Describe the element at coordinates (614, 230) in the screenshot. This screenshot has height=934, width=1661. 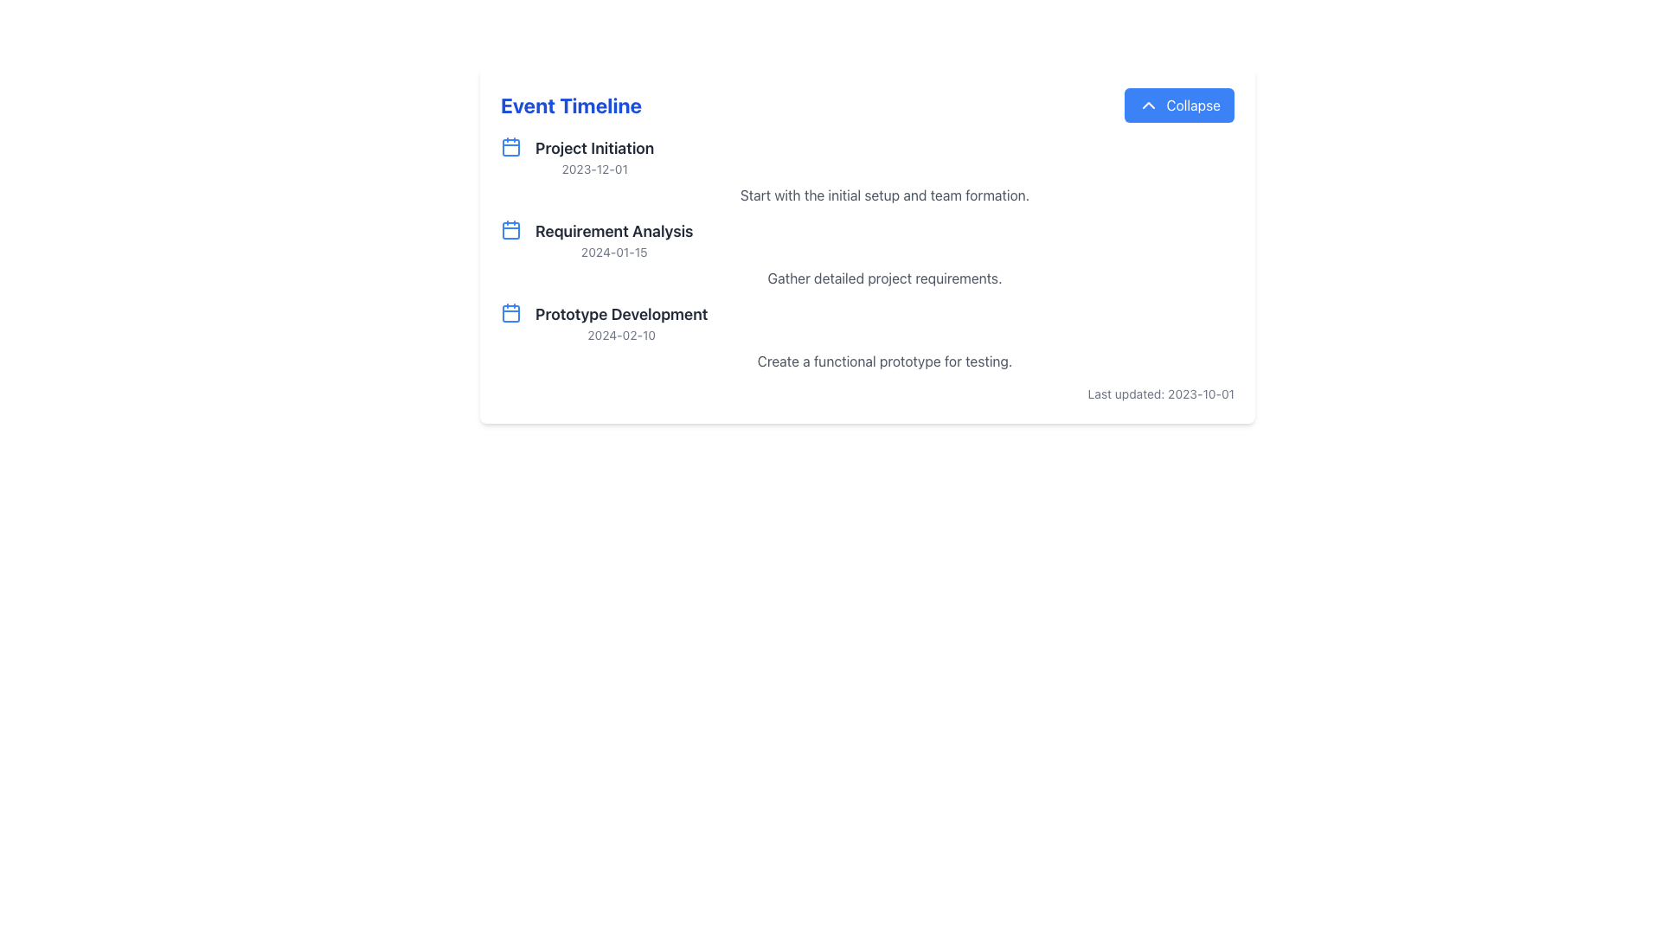
I see `text label that serves as the title for the second event in the timeline, positioned between 'Project Initiation' and 'Prototype Development'` at that location.